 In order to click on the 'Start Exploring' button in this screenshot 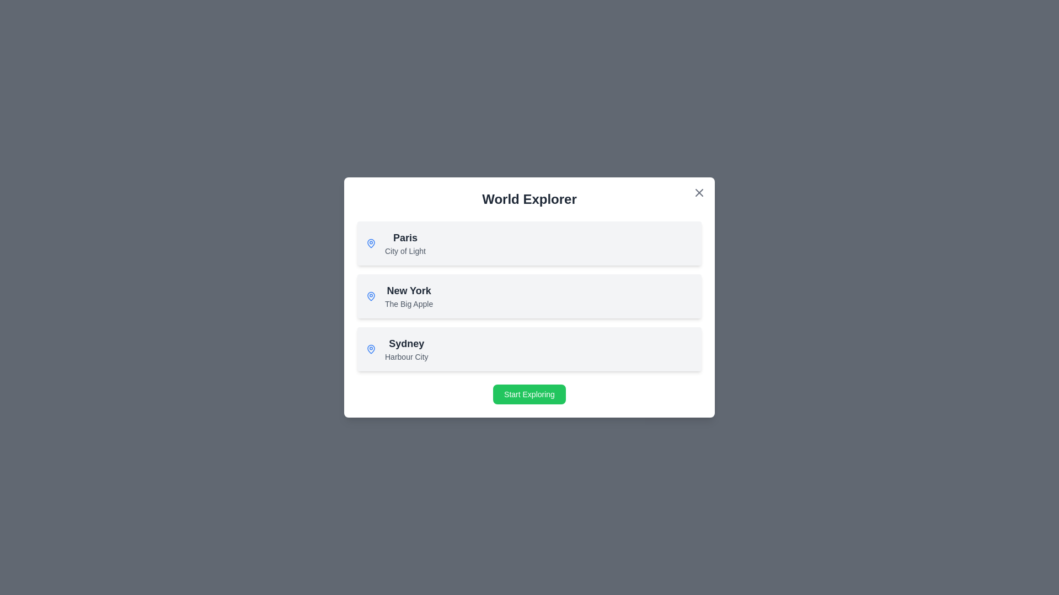, I will do `click(529, 394)`.